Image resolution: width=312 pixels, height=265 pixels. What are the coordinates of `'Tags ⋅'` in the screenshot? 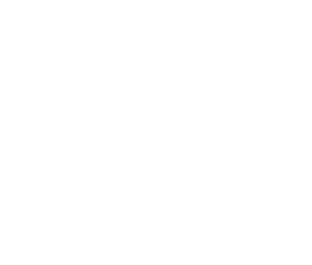 It's located at (14, 254).